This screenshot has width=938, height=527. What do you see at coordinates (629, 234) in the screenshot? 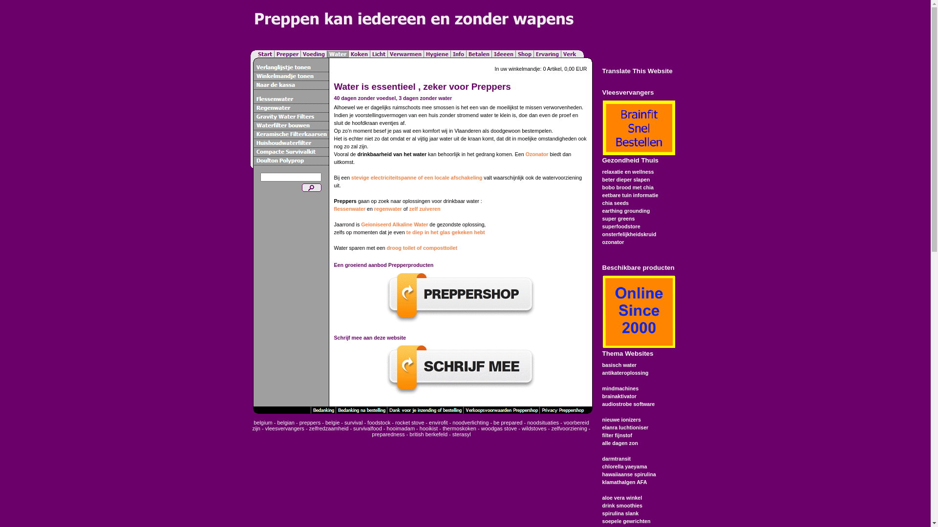
I see `'onsterfelijkheidskruid'` at bounding box center [629, 234].